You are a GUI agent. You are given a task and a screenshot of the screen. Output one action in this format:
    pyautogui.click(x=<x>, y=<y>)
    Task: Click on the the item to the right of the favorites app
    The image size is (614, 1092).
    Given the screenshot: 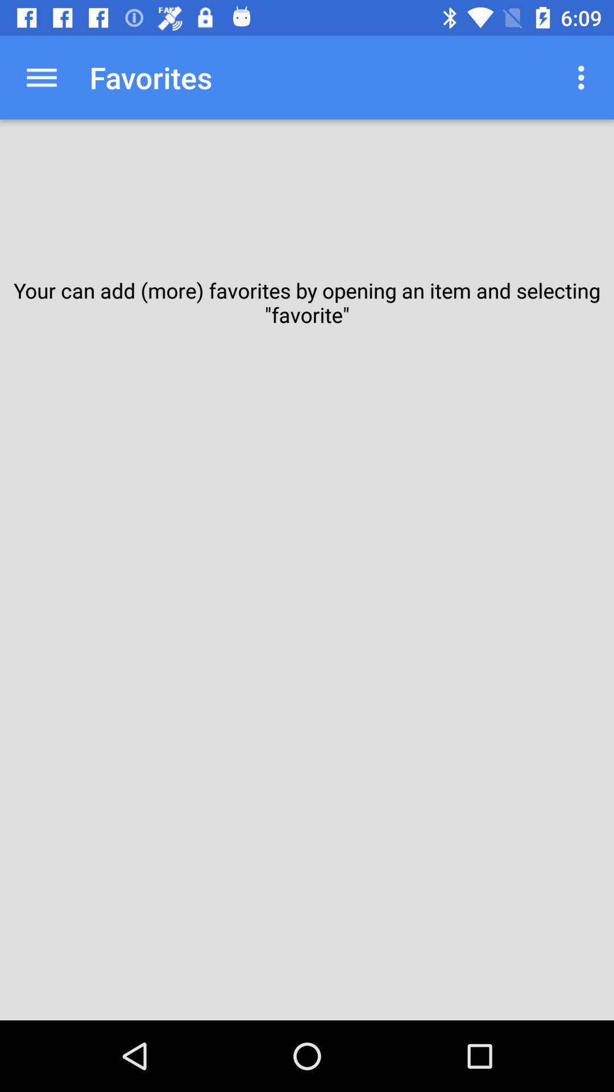 What is the action you would take?
    pyautogui.click(x=584, y=77)
    